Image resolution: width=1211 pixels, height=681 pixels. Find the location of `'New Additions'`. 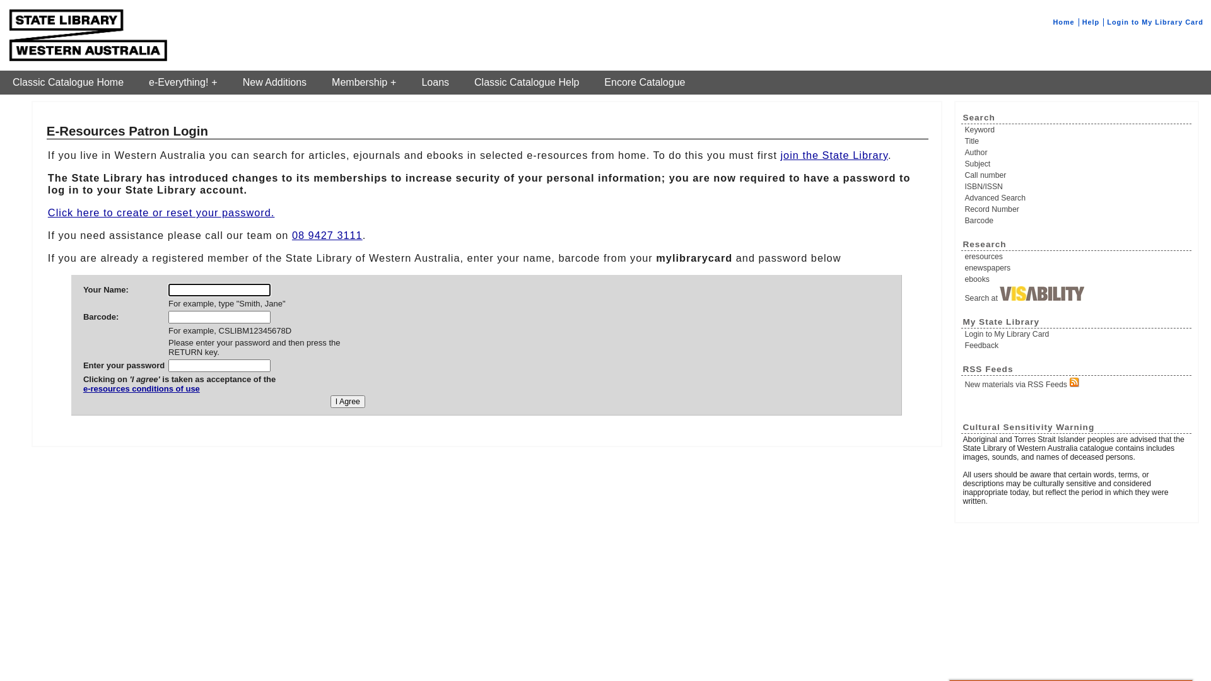

'New Additions' is located at coordinates (274, 83).